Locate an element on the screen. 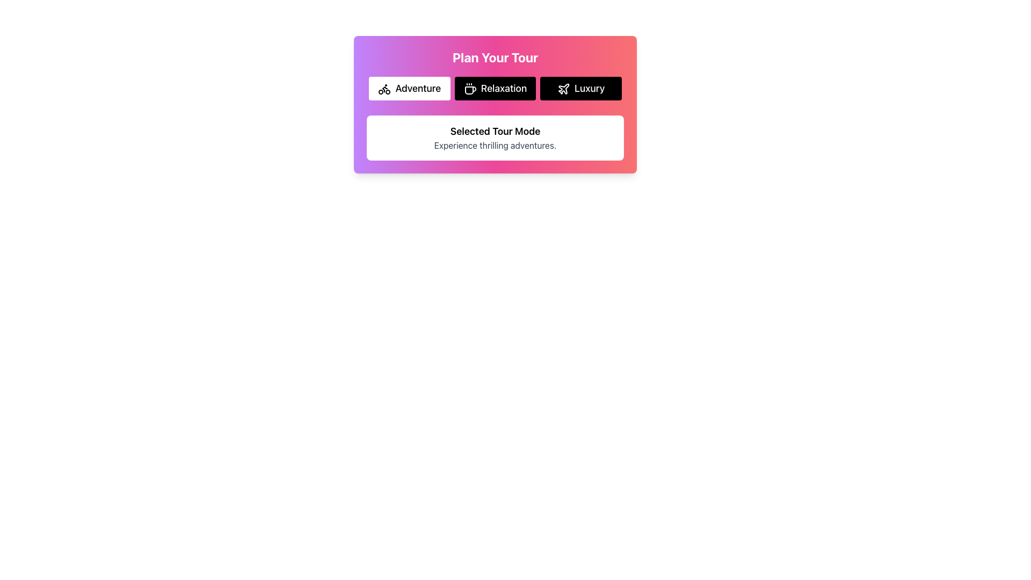 This screenshot has width=1031, height=580. the textual heading 'Plan Your Tour' which is displayed in bold white font and centered within a gradient background transitioning from purple to red is located at coordinates (495, 57).